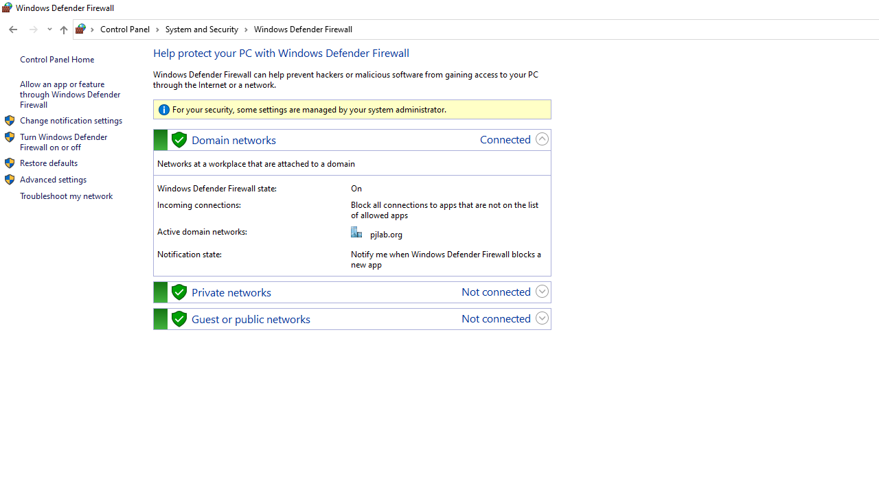  Describe the element at coordinates (84, 29) in the screenshot. I see `'All locations'` at that location.